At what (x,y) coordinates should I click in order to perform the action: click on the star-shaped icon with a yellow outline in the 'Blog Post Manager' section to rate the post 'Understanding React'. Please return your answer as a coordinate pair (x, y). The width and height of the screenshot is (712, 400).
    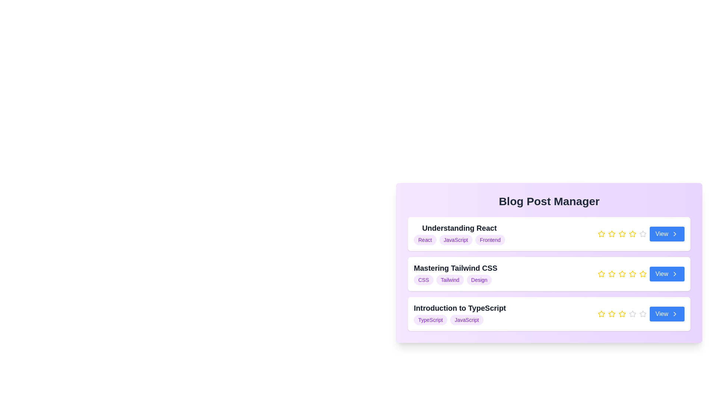
    Looking at the image, I should click on (612, 234).